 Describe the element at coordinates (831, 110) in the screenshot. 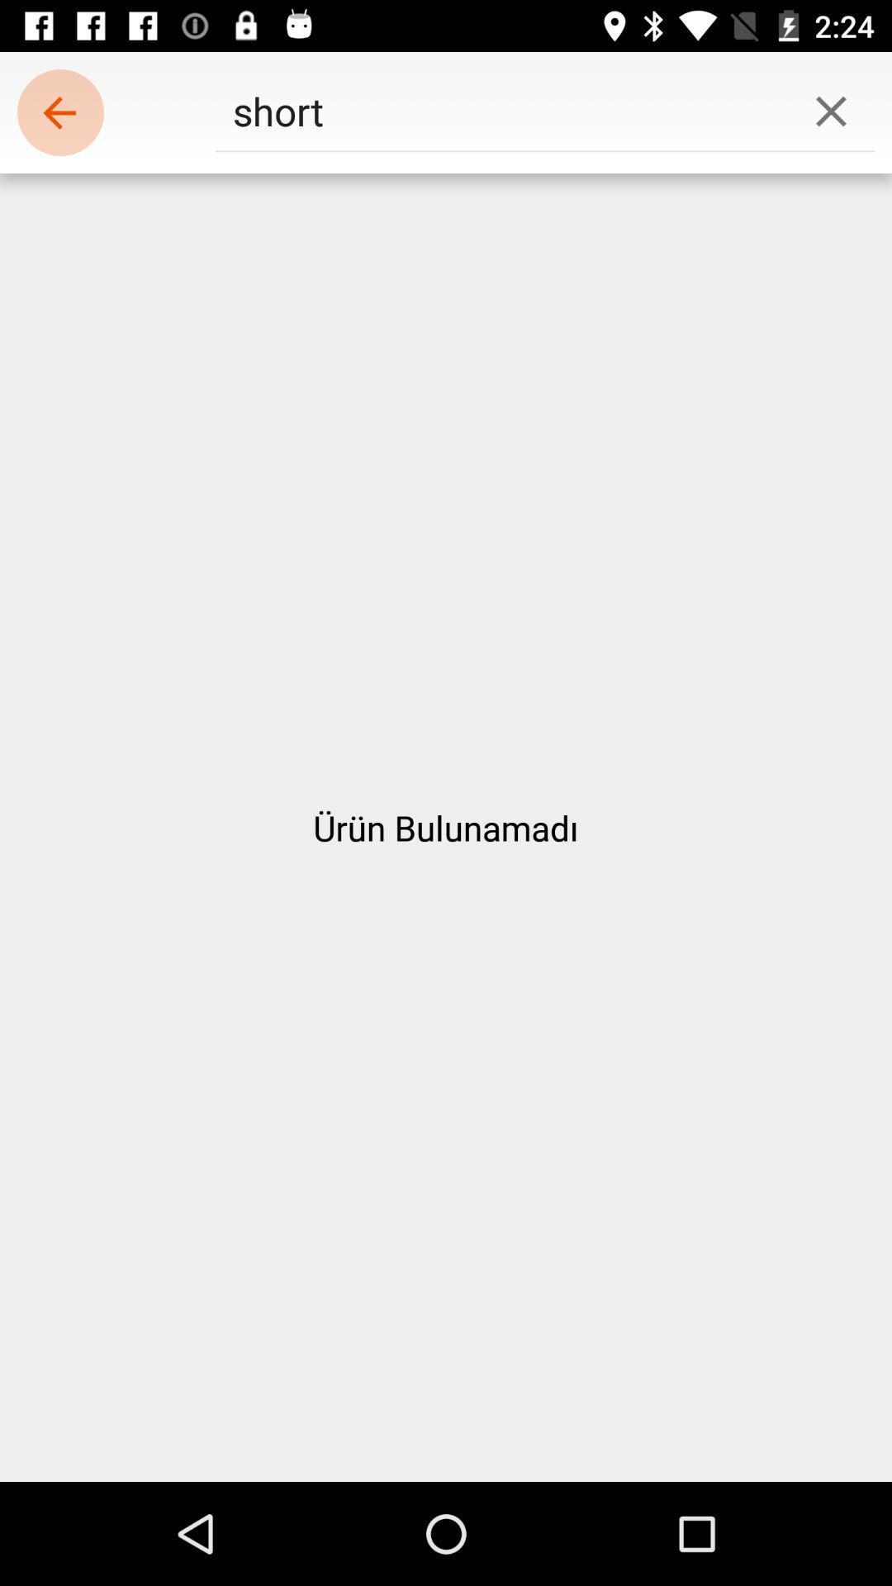

I see `the item next to the short icon` at that location.